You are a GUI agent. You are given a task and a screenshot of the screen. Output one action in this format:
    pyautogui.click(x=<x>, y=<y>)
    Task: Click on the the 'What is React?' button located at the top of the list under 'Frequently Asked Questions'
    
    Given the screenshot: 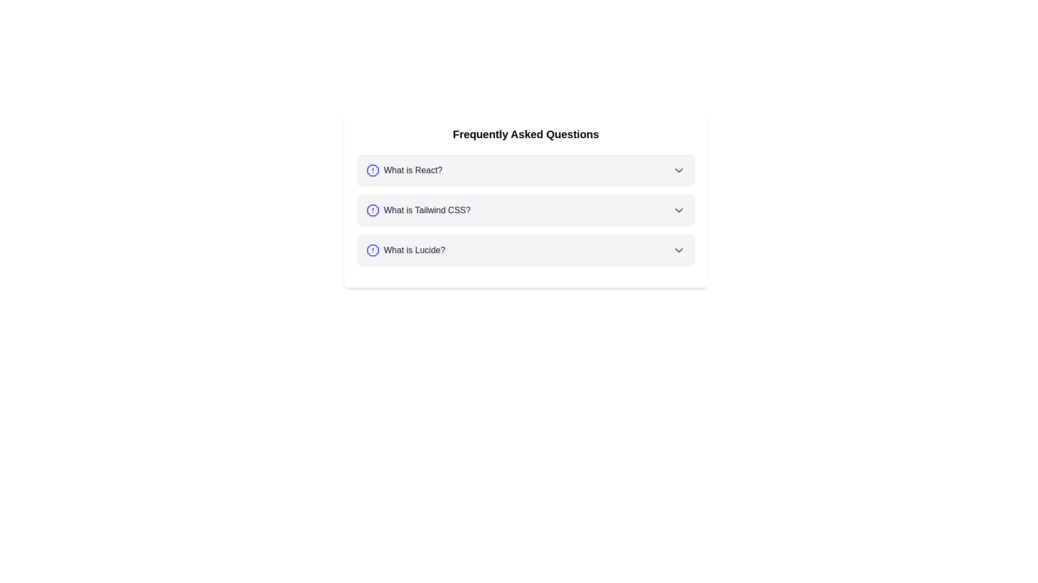 What is the action you would take?
    pyautogui.click(x=526, y=170)
    